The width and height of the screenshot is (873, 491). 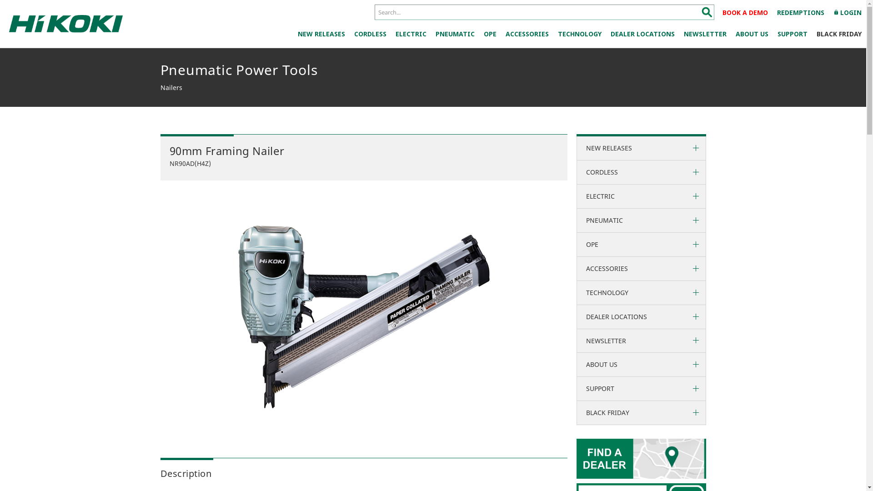 I want to click on 'BLACK FRIDAY', so click(x=812, y=33).